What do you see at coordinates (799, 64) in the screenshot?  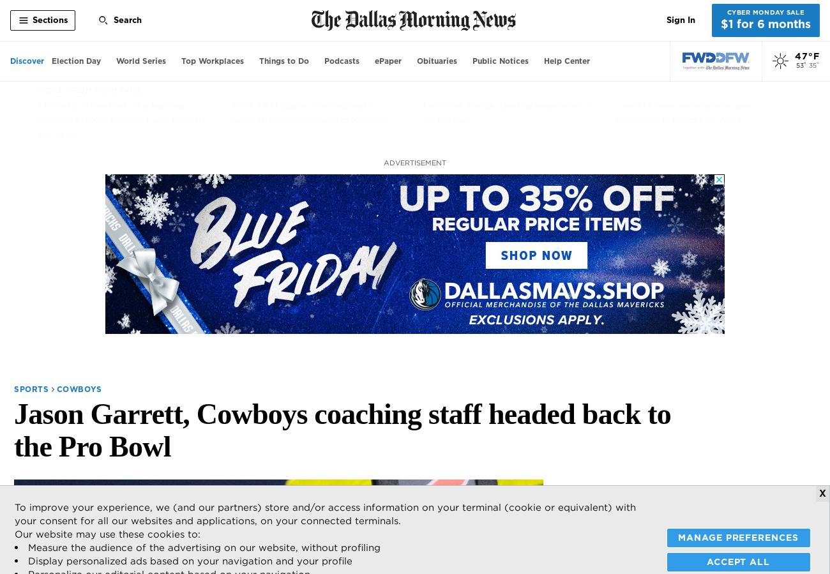 I see `'53'` at bounding box center [799, 64].